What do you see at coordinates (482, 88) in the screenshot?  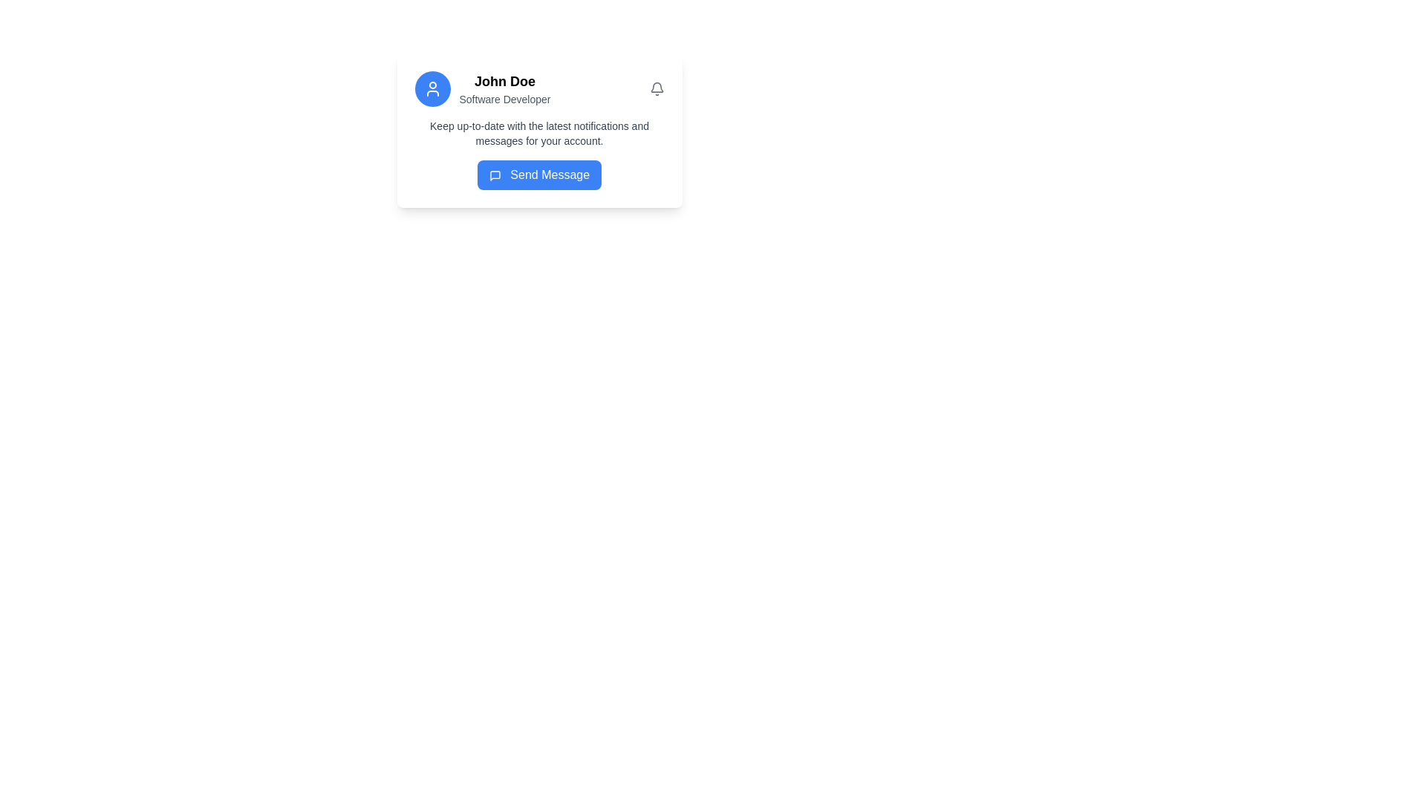 I see `the Profile display block featuring 'John Doe' and 'Software Developer'` at bounding box center [482, 88].